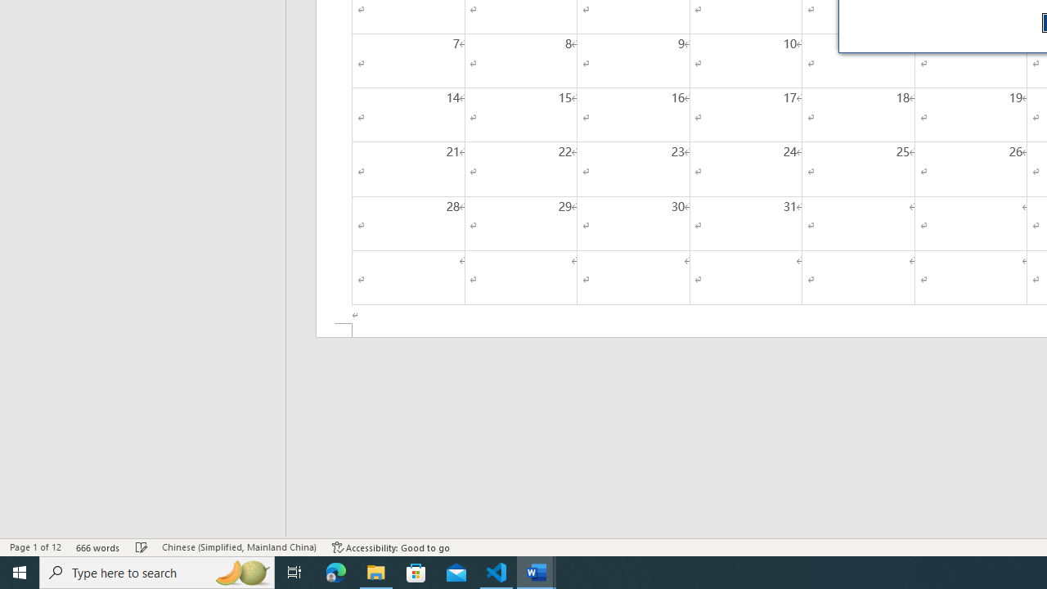 The width and height of the screenshot is (1047, 589). Describe the element at coordinates (142, 547) in the screenshot. I see `'Spelling and Grammar Check Checking'` at that location.